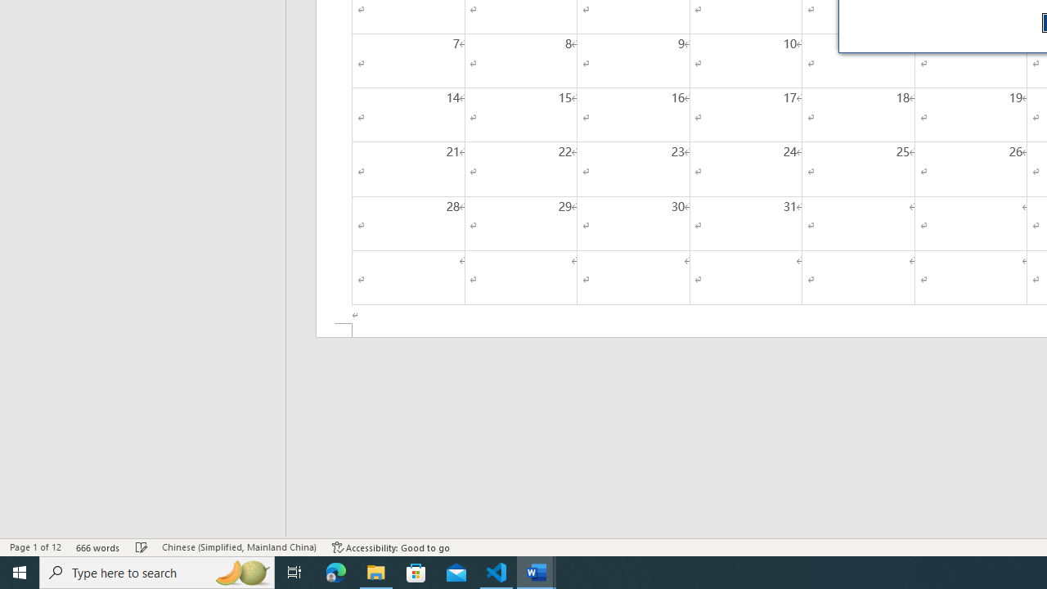 The width and height of the screenshot is (1047, 589). Describe the element at coordinates (142, 547) in the screenshot. I see `'Spelling and Grammar Check Checking'` at that location.